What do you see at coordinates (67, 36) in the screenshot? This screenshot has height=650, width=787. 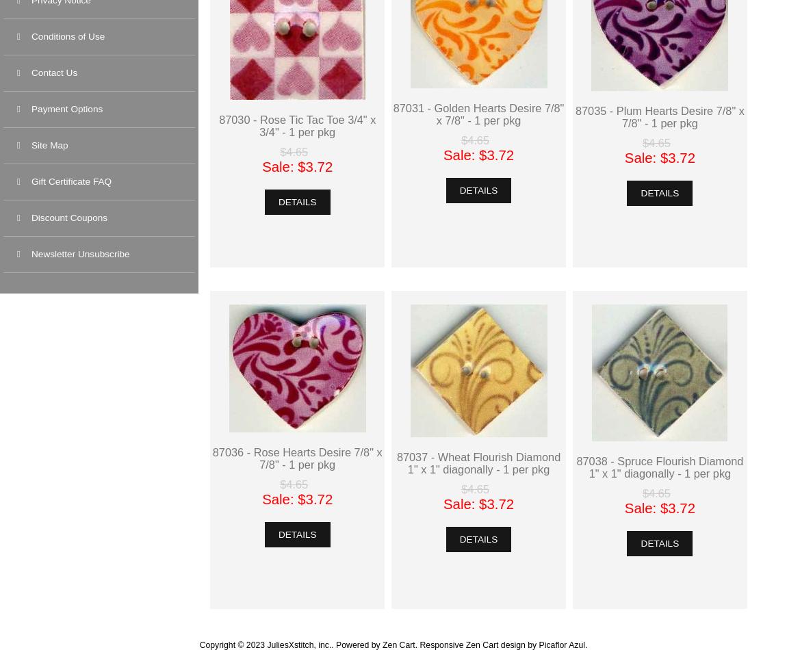 I see `'Conditions of Use'` at bounding box center [67, 36].